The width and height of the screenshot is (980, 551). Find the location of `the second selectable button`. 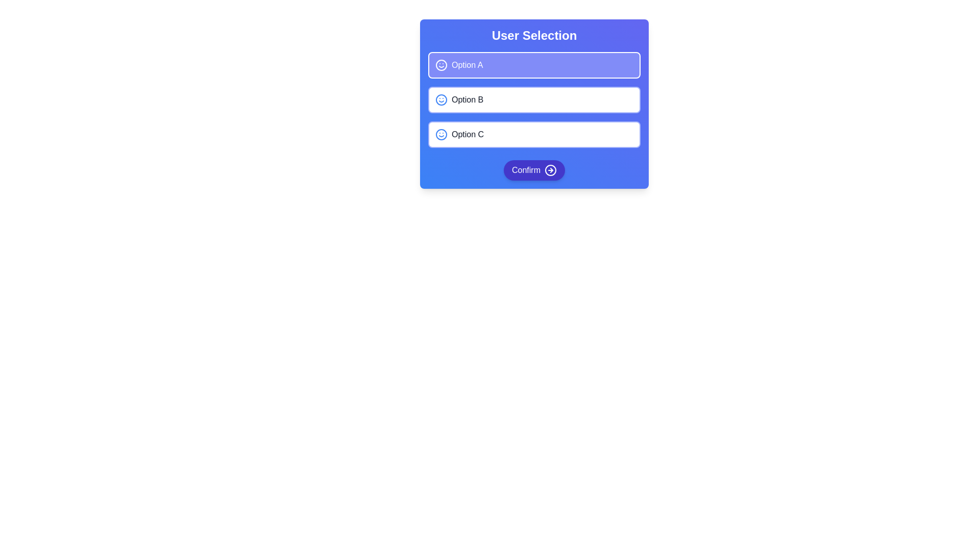

the second selectable button is located at coordinates (533, 104).